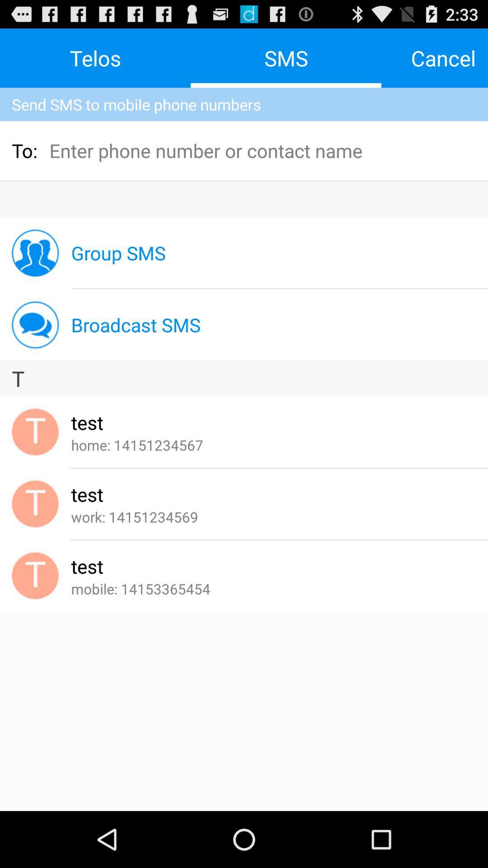  I want to click on broadcast sms app, so click(136, 325).